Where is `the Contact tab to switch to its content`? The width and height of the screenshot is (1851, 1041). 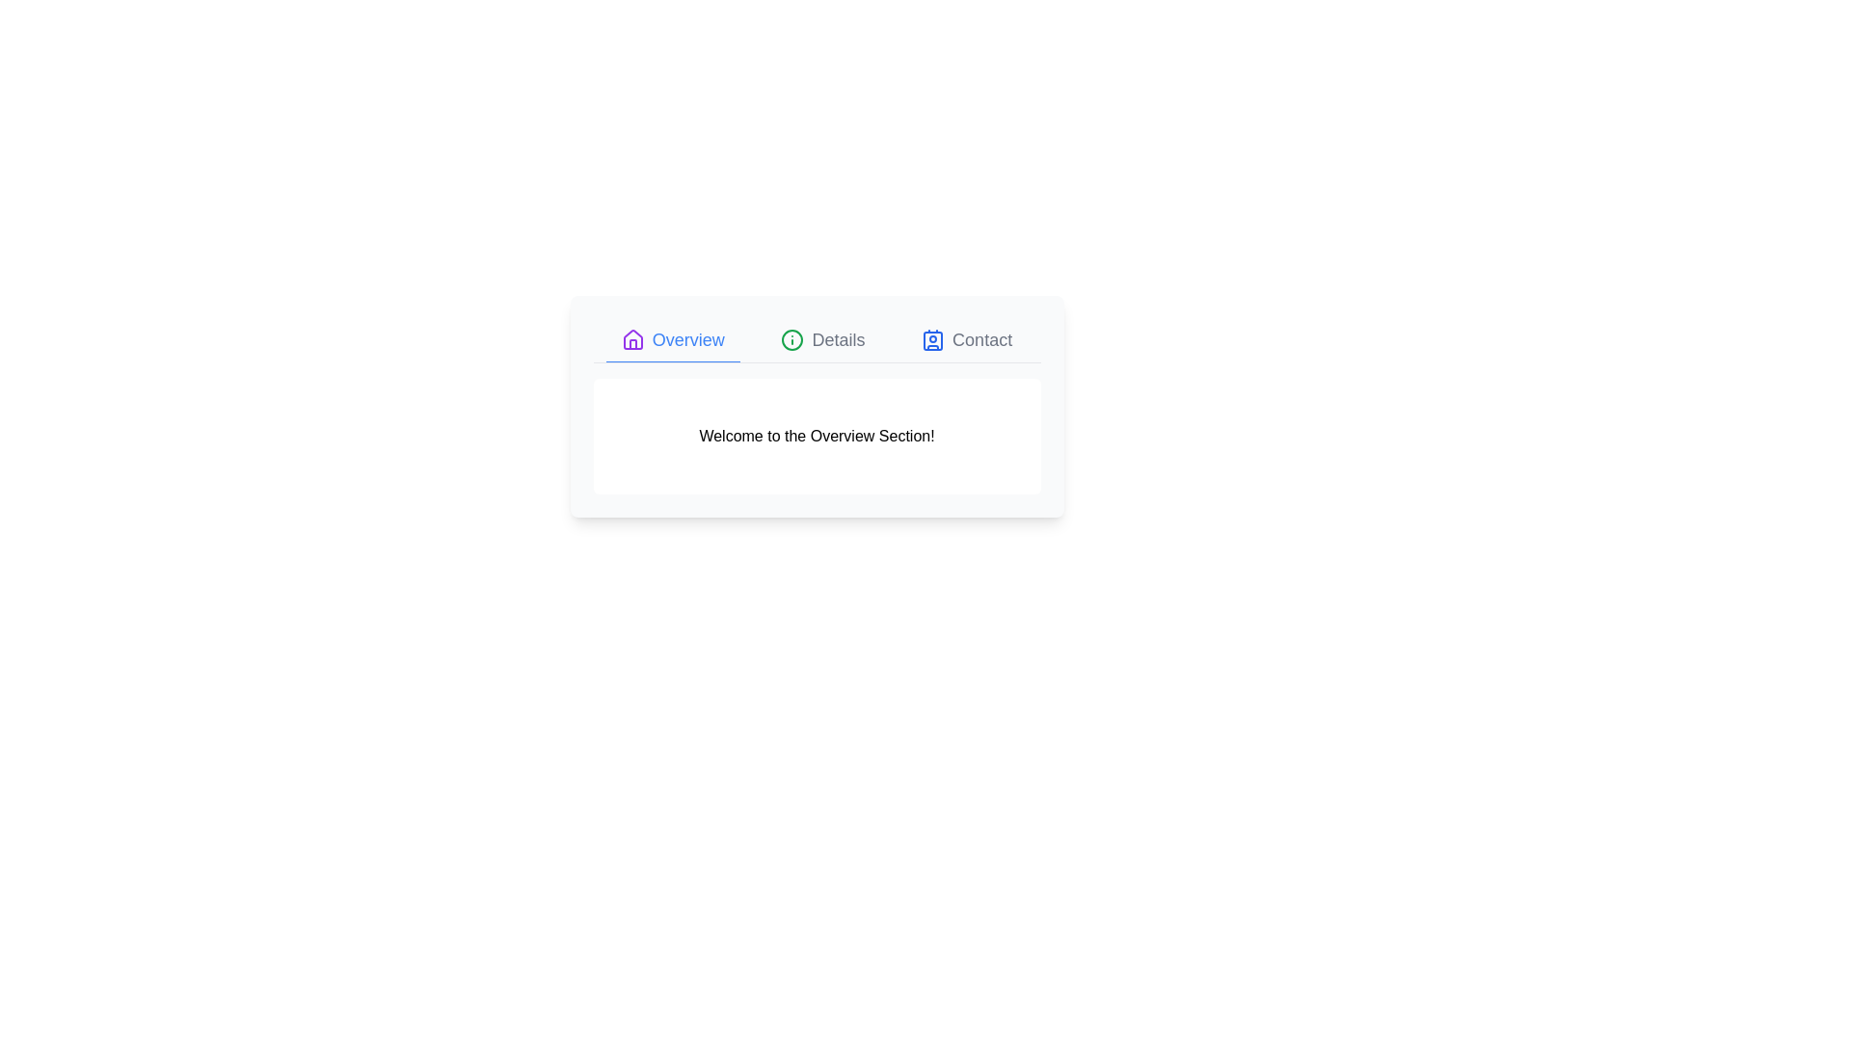 the Contact tab to switch to its content is located at coordinates (967, 340).